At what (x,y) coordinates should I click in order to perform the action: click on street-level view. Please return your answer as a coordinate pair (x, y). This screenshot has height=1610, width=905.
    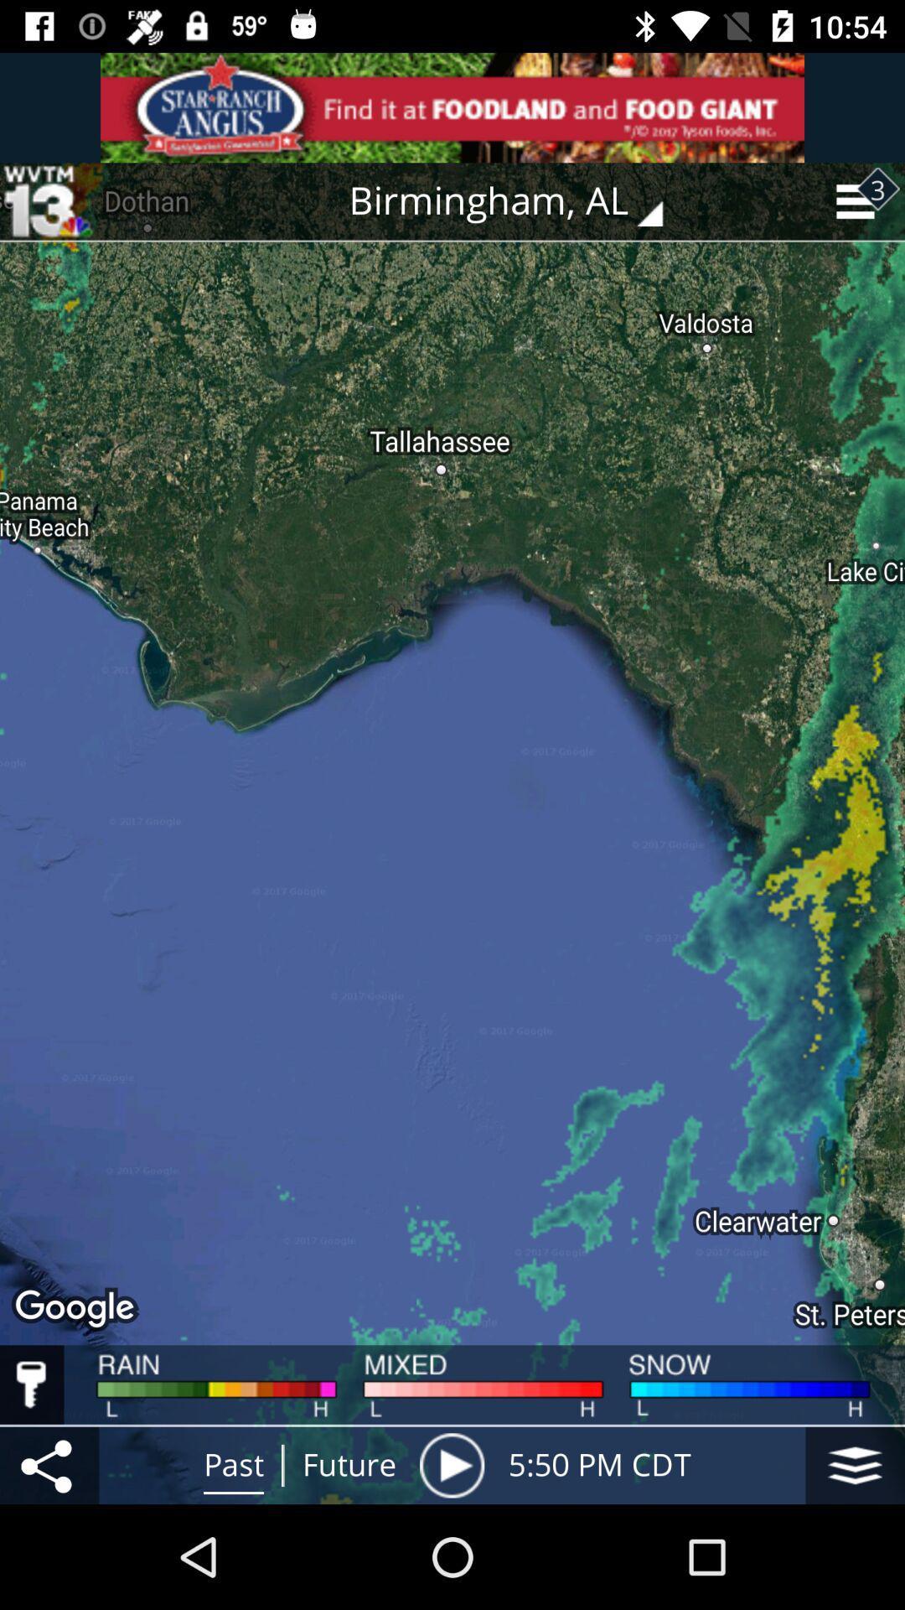
    Looking at the image, I should click on (855, 1464).